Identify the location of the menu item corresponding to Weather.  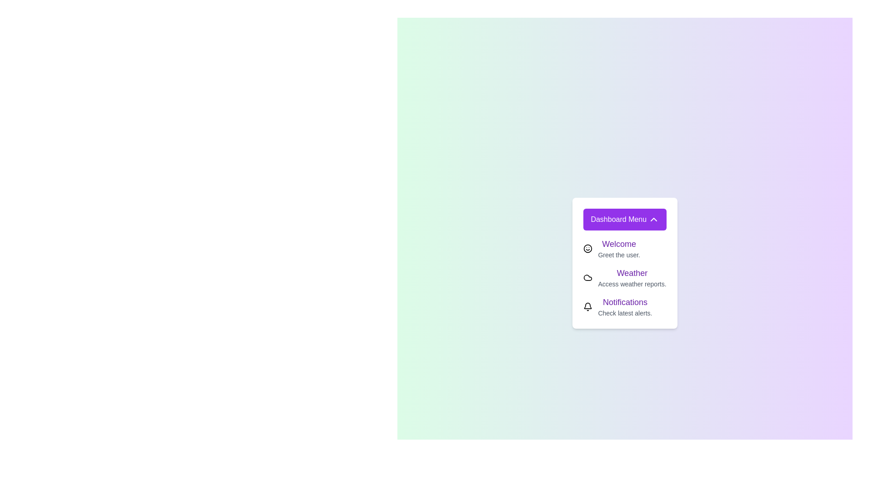
(588, 277).